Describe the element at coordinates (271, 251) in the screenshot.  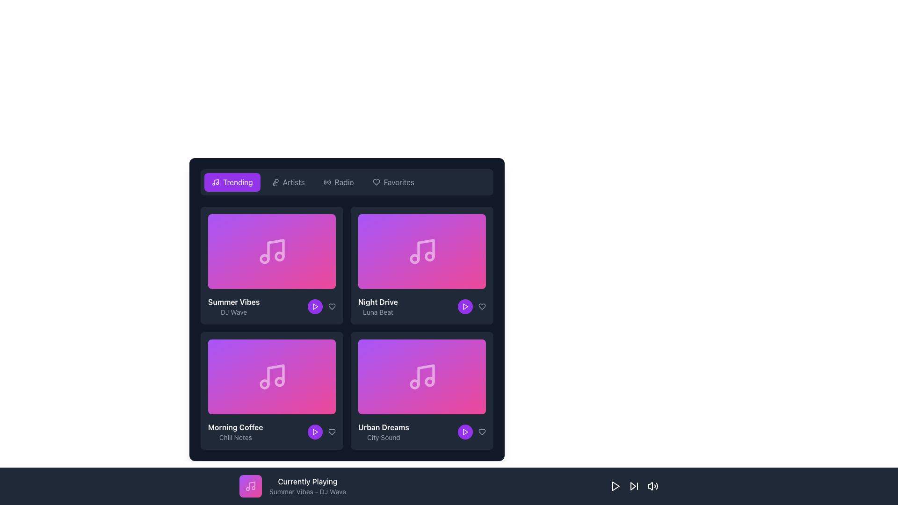
I see `the music icon representing the 'Summer Vibes' playlist by 'DJ Wave' located in the top-left quadrant of the grid layout` at that location.